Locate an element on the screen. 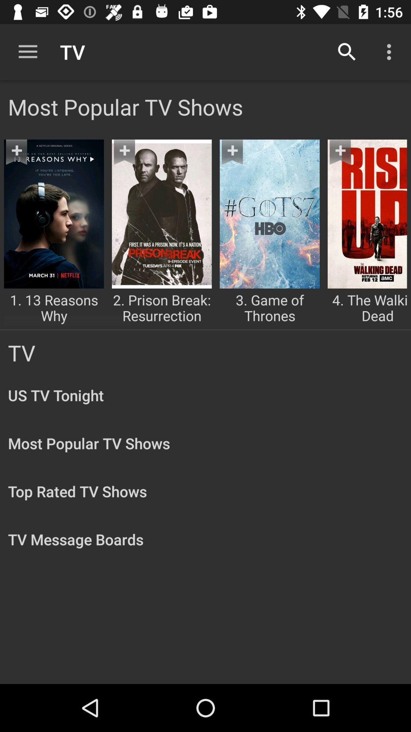  the item to the right of tv item is located at coordinates (347, 51).